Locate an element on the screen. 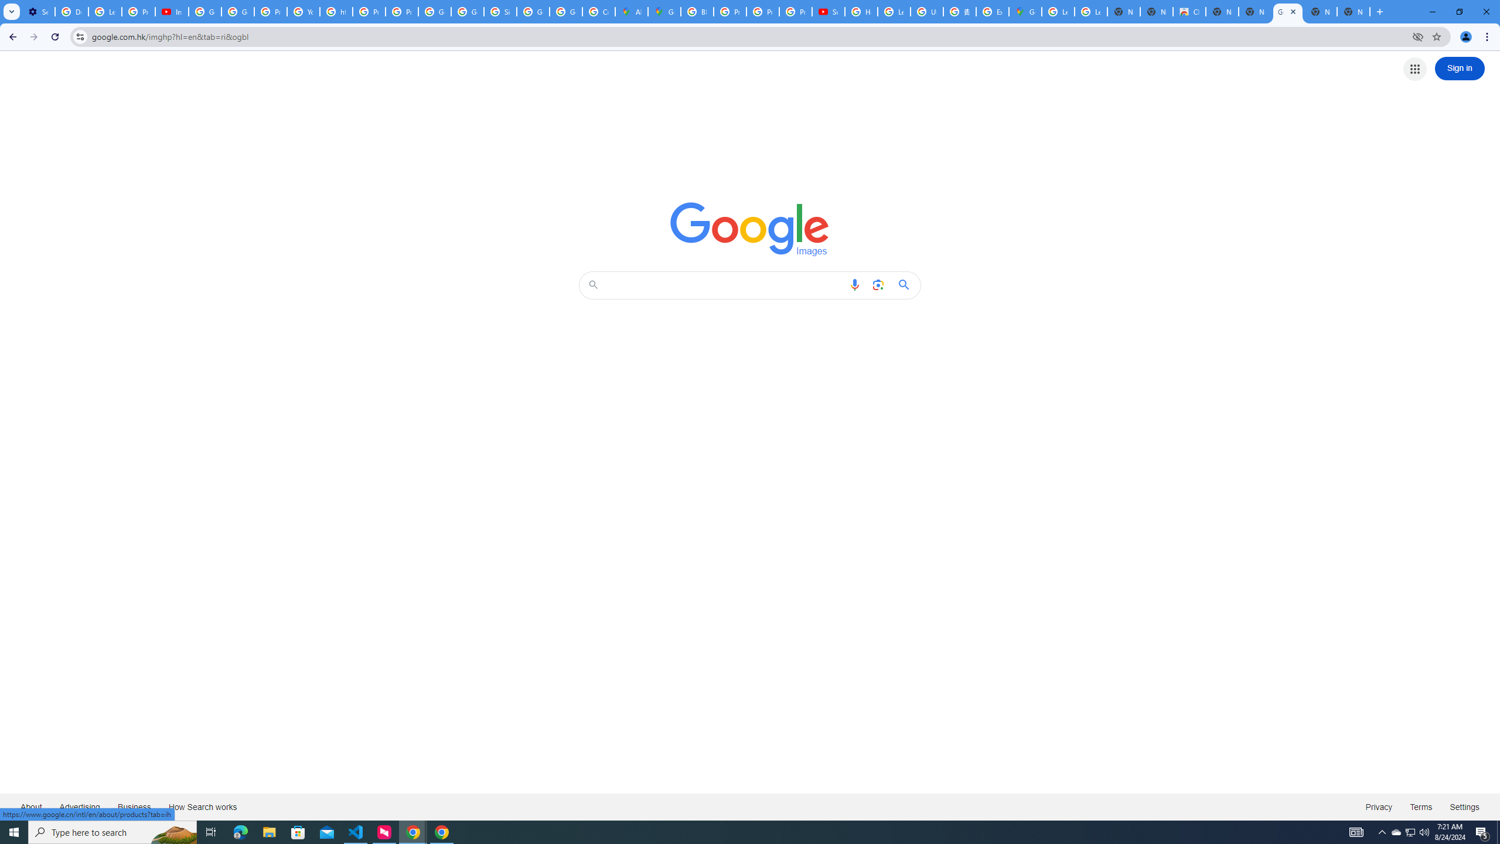 The width and height of the screenshot is (1500, 844). 'Privacy Help Center - Policies Help' is located at coordinates (729, 11).